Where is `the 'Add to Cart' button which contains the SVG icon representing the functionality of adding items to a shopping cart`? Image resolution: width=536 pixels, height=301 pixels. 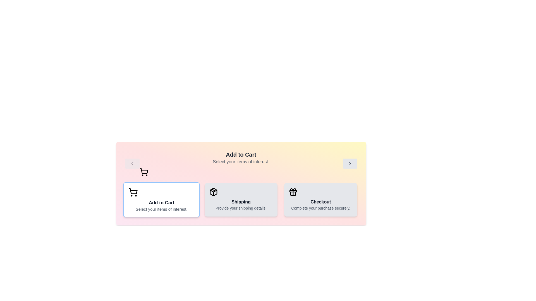 the 'Add to Cart' button which contains the SVG icon representing the functionality of adding items to a shopping cart is located at coordinates (133, 191).